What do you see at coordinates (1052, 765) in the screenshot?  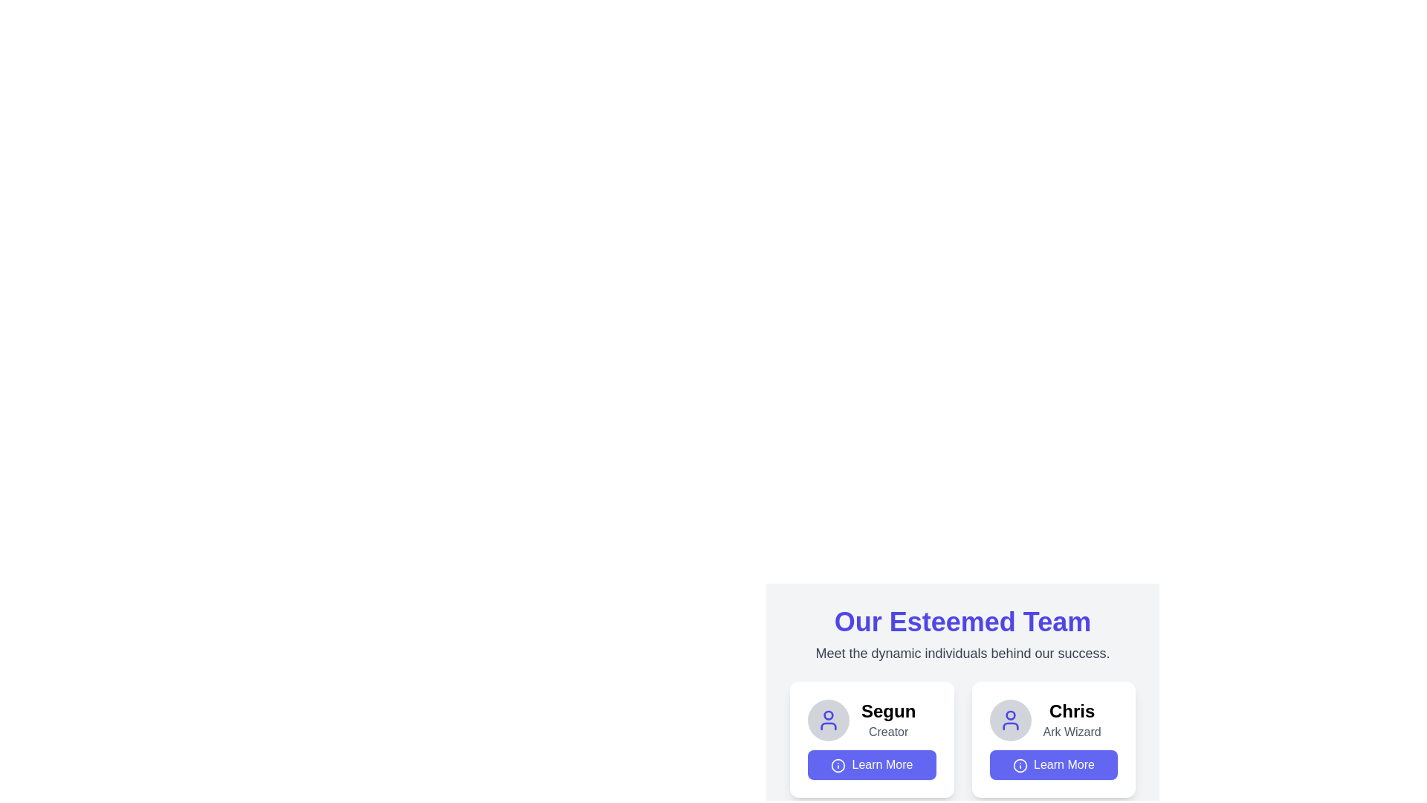 I see `the button that provides a link to additional information about 'Chris Ark Wizard' to change its background color` at bounding box center [1052, 765].